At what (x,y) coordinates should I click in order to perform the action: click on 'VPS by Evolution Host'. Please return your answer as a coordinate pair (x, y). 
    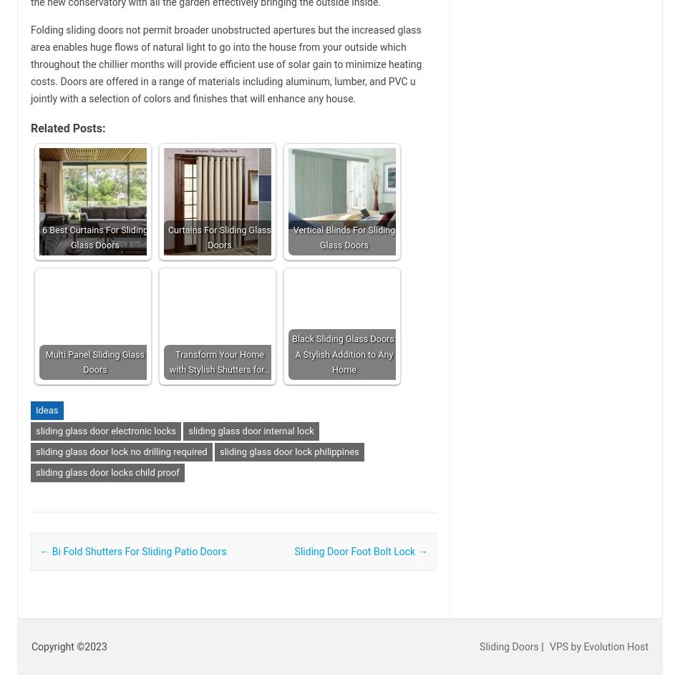
    Looking at the image, I should click on (598, 645).